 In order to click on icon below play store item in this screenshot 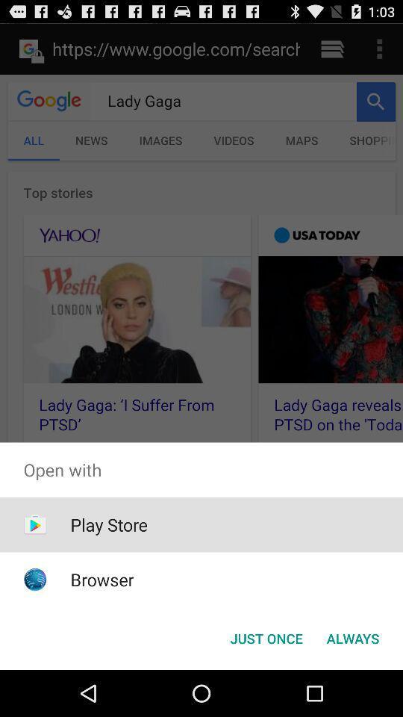, I will do `click(101, 579)`.